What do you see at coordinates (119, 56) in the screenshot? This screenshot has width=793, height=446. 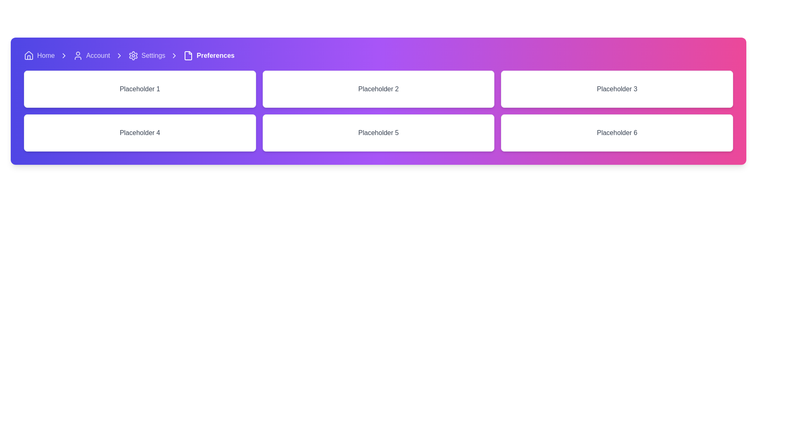 I see `the right-facing chevron icon in the breadcrumb navigation bar, which is styled with a sharp outline and located between the 'Settings' and 'Preferences' links` at bounding box center [119, 56].